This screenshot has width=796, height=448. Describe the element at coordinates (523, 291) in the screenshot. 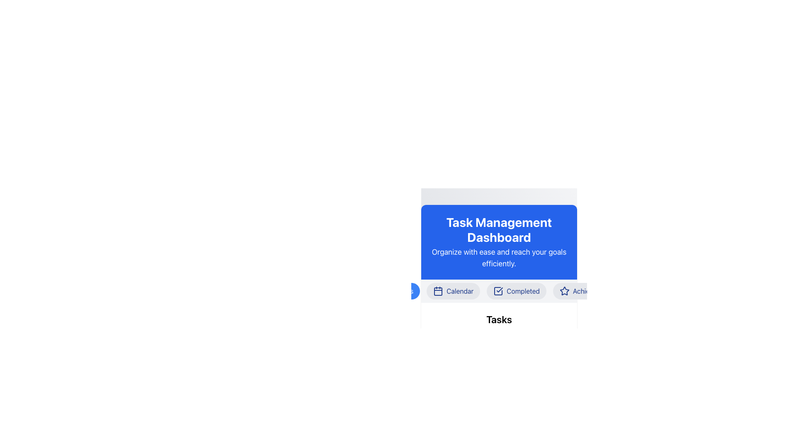

I see `the 'Completed' text label, which is part of a button-like component with a light gray rounded rectangle background and a checkbox icon on the left` at that location.